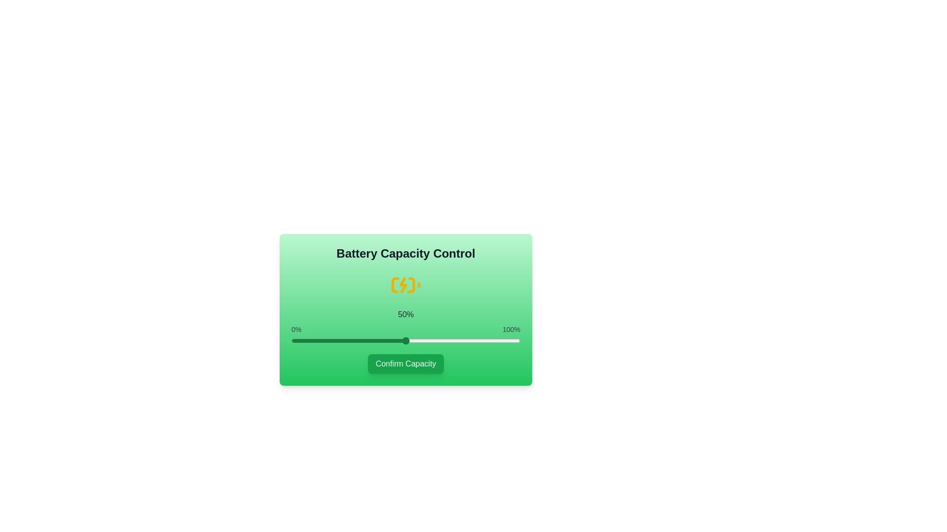 Image resolution: width=947 pixels, height=532 pixels. Describe the element at coordinates (481, 340) in the screenshot. I see `the battery capacity slider to 83% to observe the icon change` at that location.